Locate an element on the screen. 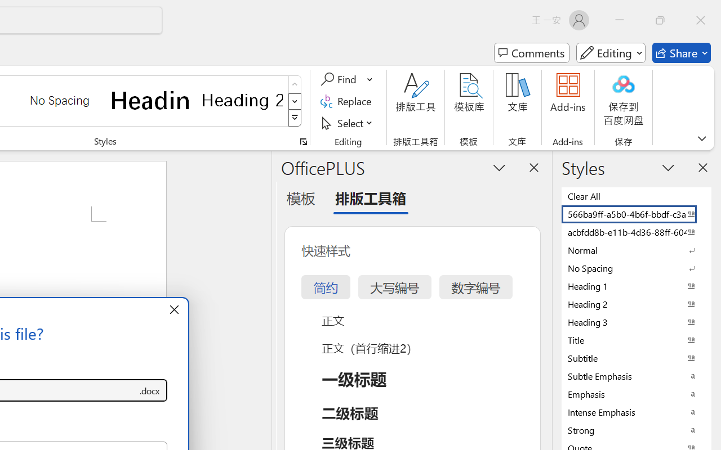 This screenshot has width=721, height=450. 'Row Down' is located at coordinates (295, 101).